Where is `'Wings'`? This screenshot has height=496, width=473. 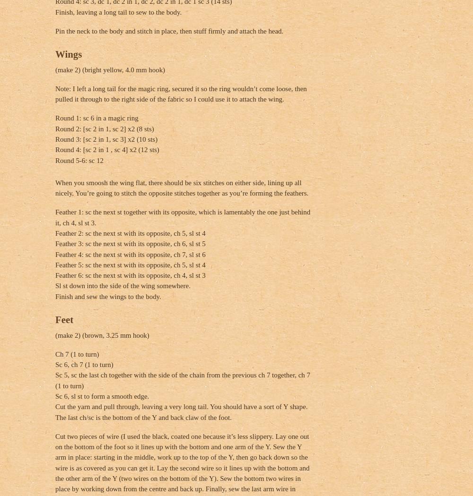 'Wings' is located at coordinates (69, 53).